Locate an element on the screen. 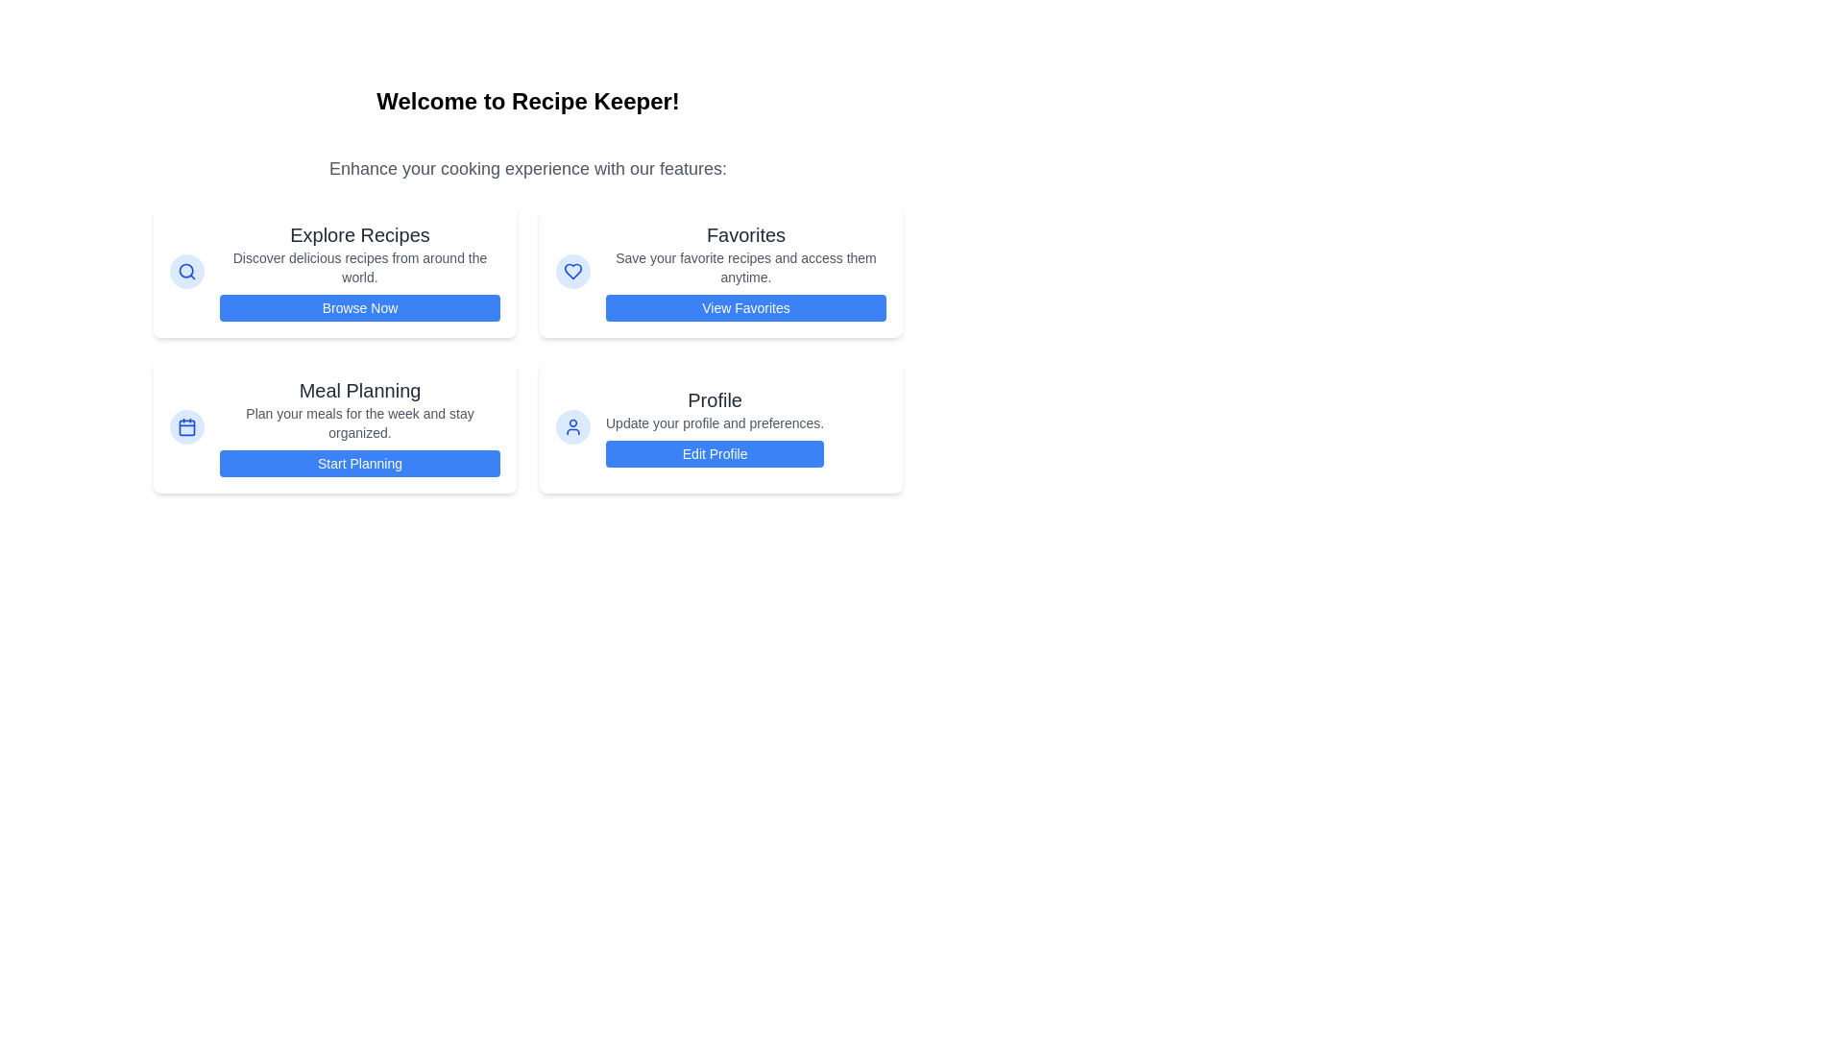 This screenshot has width=1844, height=1037. the 'Favorites' icon located in the second column of the top row of cards, positioned to the left of the text 'Favorites' is located at coordinates (571, 271).